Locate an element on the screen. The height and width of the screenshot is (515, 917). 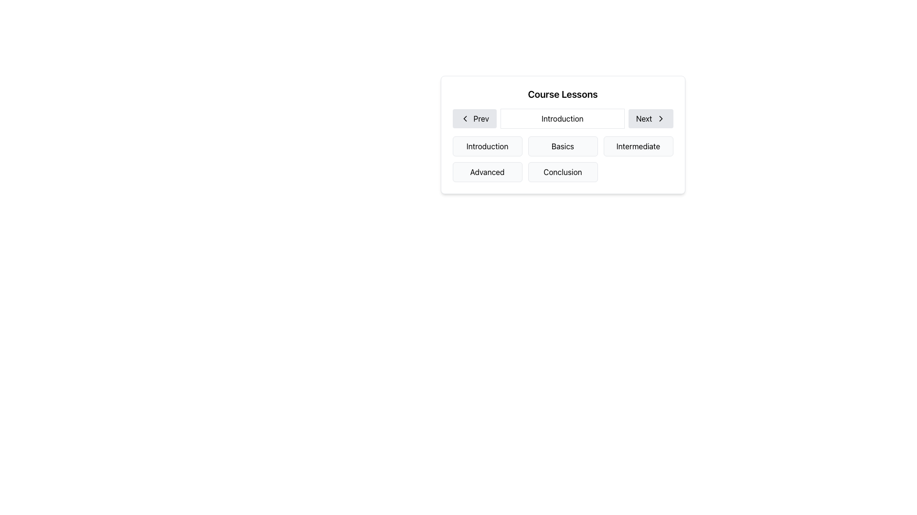
the Chevron icon within the 'Next' button located at the top-right corner of the 'Course Lessons' panel is located at coordinates (660, 118).